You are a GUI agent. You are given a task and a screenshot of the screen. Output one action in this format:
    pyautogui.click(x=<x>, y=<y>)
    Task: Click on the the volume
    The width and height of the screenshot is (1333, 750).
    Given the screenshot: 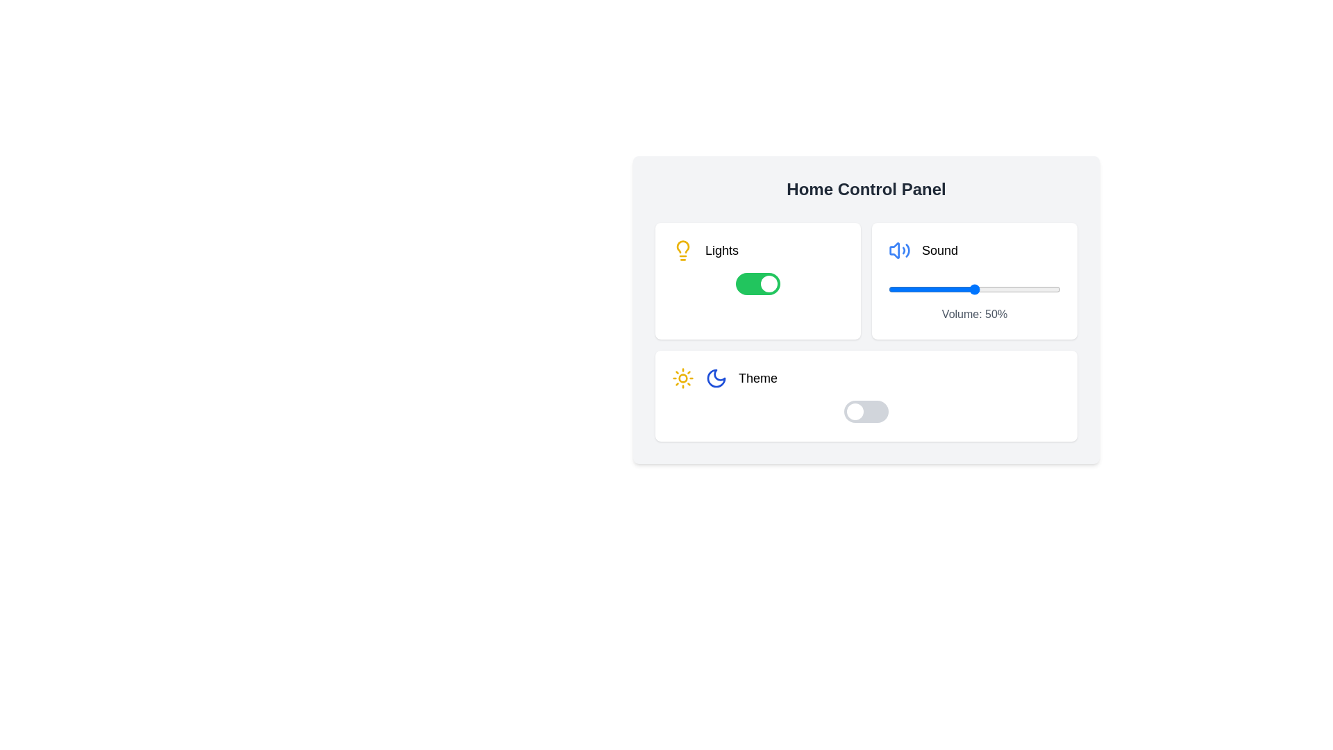 What is the action you would take?
    pyautogui.click(x=950, y=288)
    